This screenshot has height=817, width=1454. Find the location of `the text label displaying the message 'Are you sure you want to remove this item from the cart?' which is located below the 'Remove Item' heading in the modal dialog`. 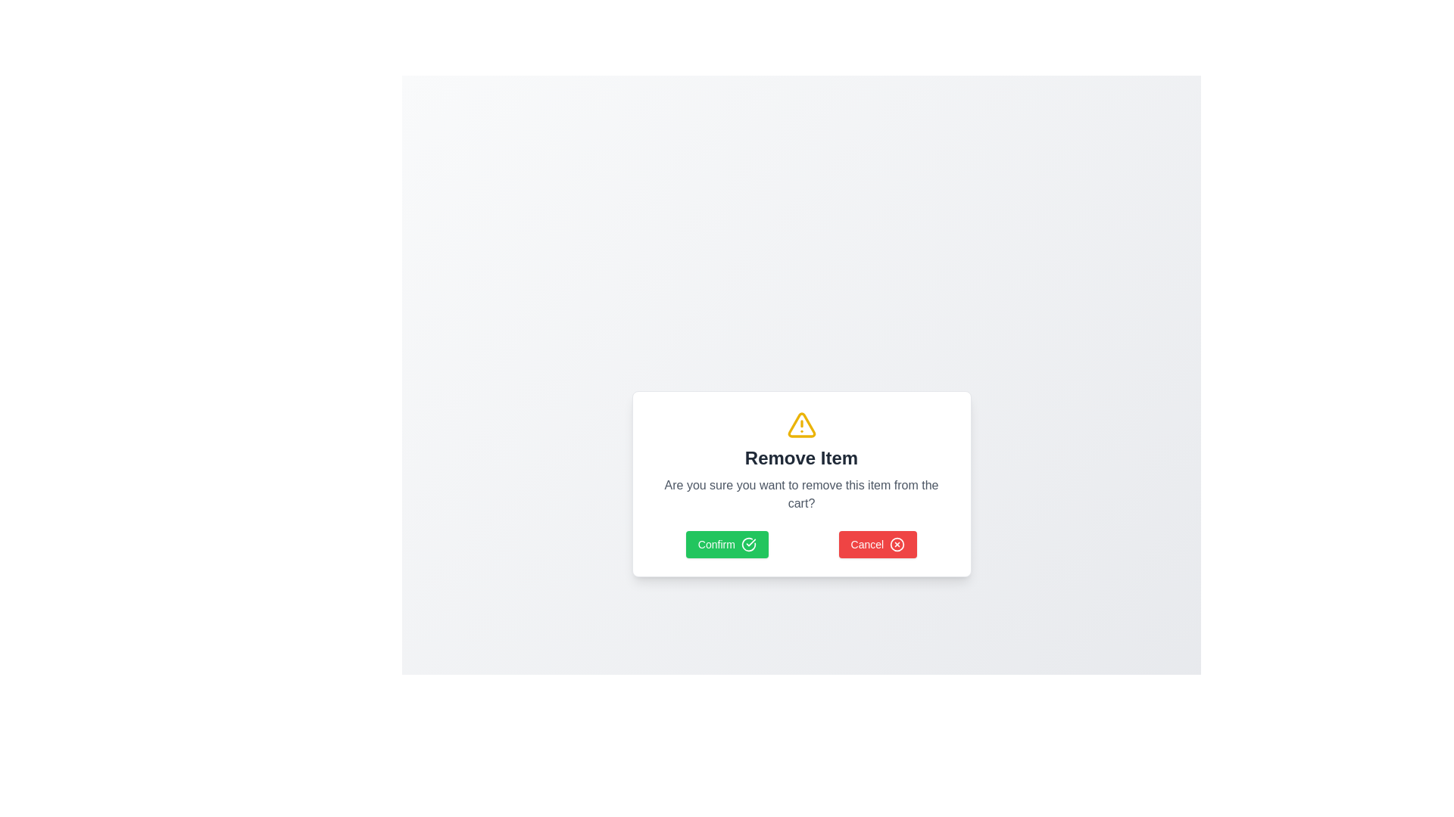

the text label displaying the message 'Are you sure you want to remove this item from the cart?' which is located below the 'Remove Item' heading in the modal dialog is located at coordinates (800, 495).